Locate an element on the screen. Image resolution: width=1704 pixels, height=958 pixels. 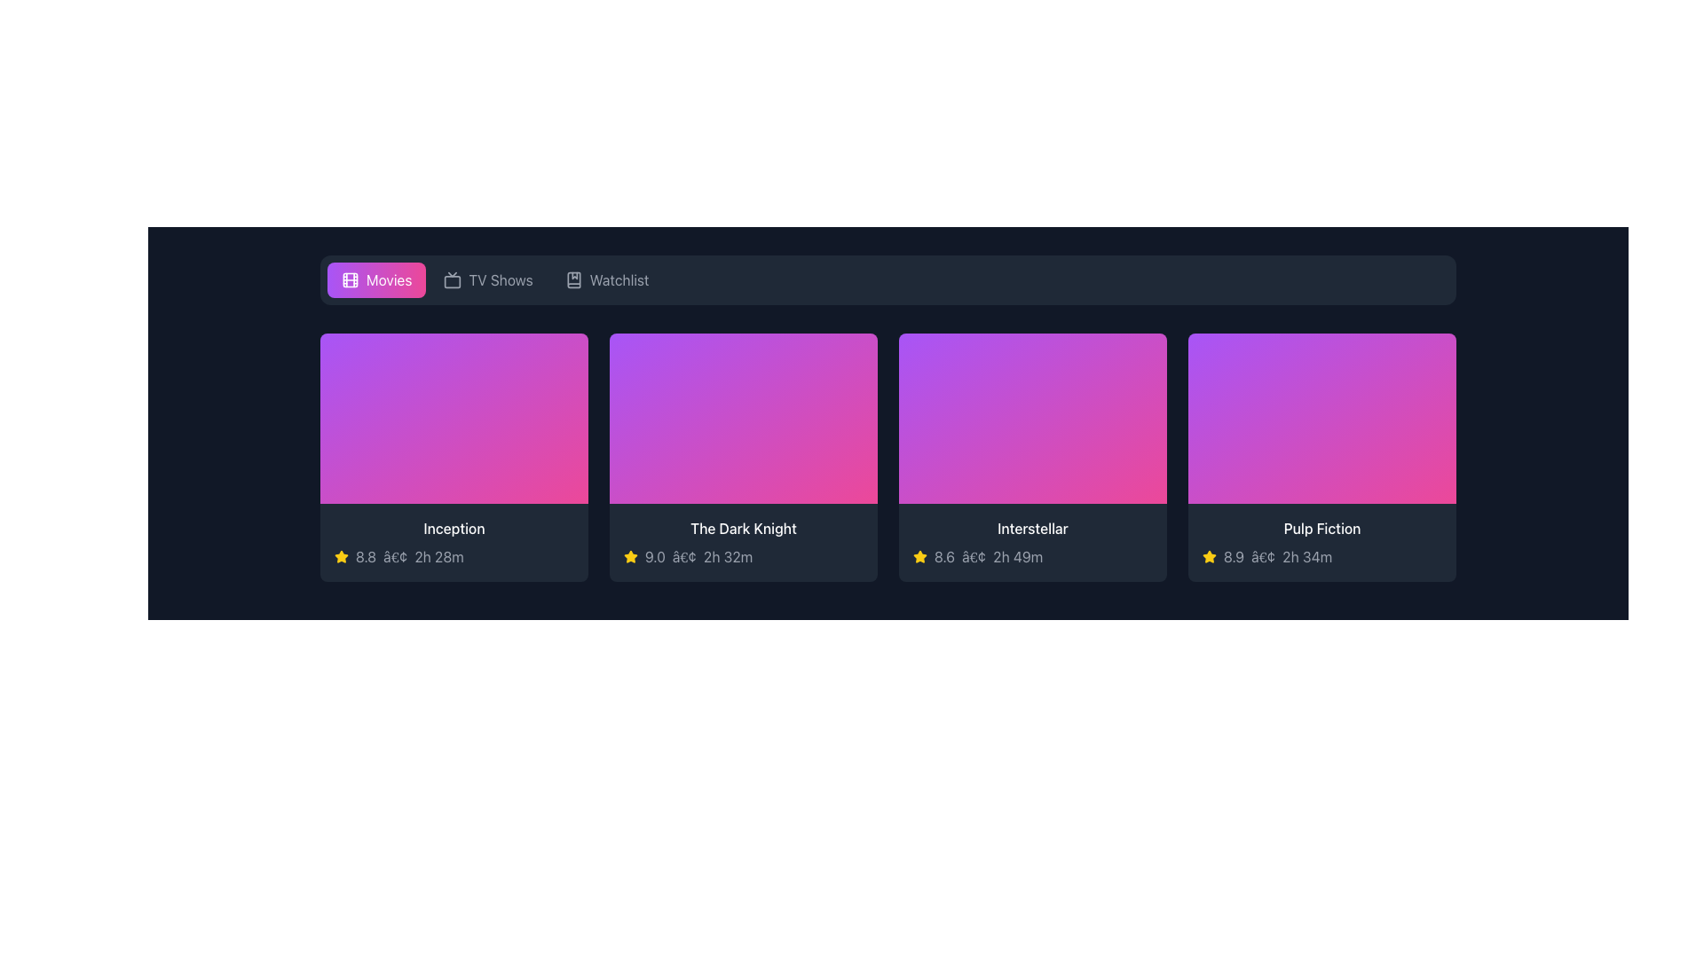
the text element displaying '8.8', which is light gray against a dark background and positioned between a star icon and a dot separator is located at coordinates (365, 556).